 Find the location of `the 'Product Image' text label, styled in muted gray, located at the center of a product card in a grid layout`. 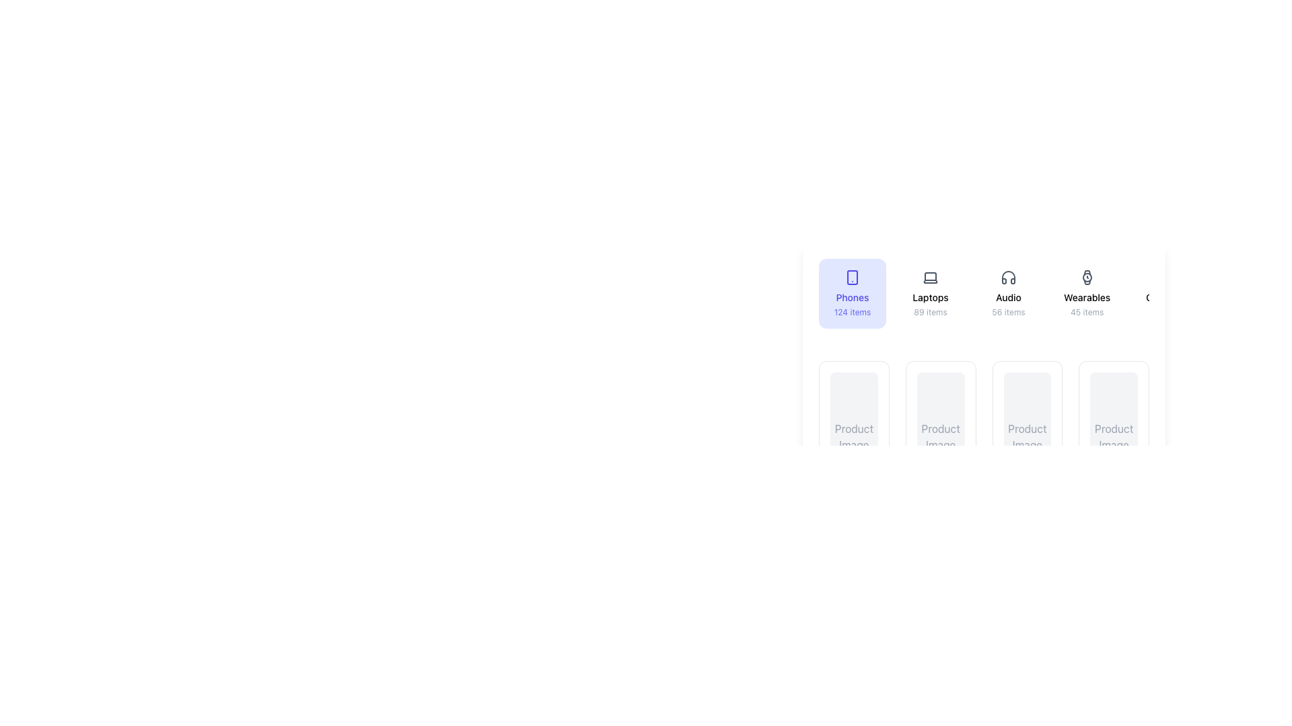

the 'Product Image' text label, styled in muted gray, located at the center of a product card in a grid layout is located at coordinates (940, 437).